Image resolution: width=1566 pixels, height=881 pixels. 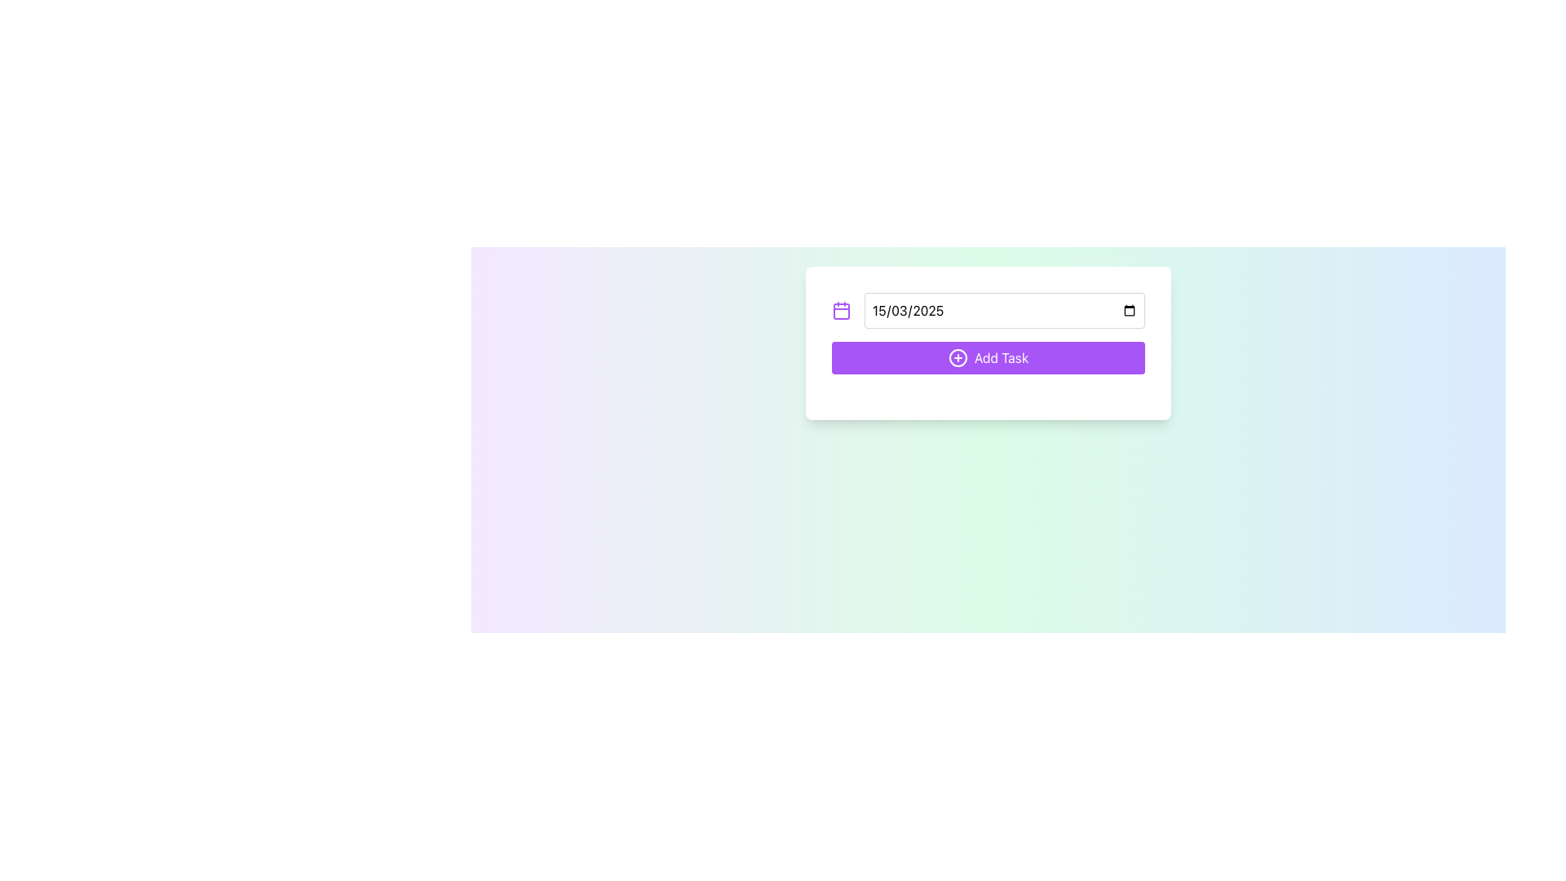 What do you see at coordinates (987, 342) in the screenshot?
I see `the interactive button located below the date selection input field to initiate the 'Add Task' action` at bounding box center [987, 342].